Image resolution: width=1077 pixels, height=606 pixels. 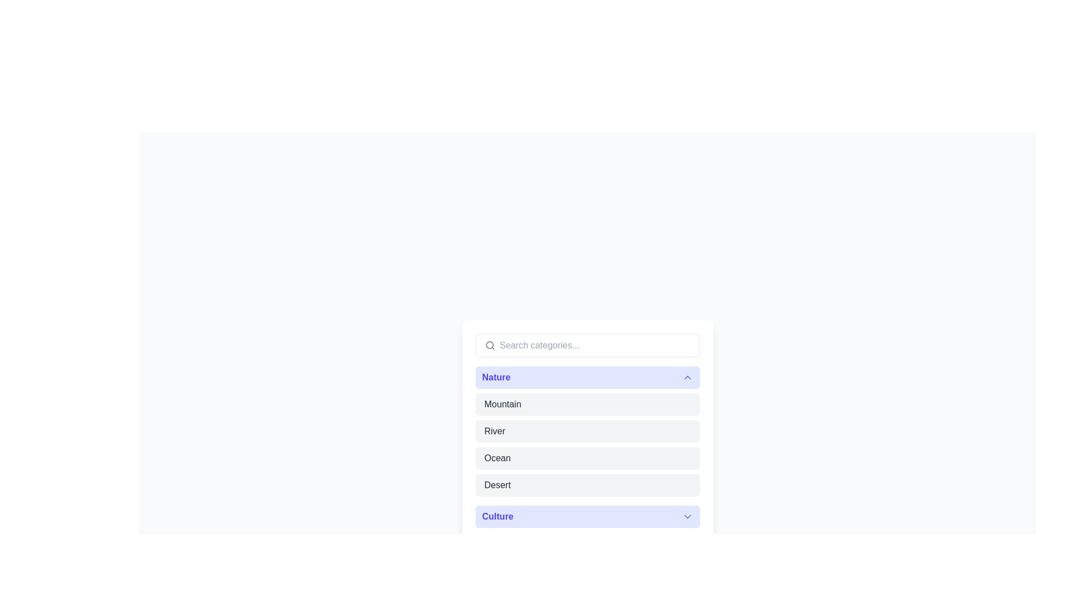 I want to click on the fourth selectable option labeled 'Desert' in the categorized list under the 'Nature' section, so click(x=587, y=484).